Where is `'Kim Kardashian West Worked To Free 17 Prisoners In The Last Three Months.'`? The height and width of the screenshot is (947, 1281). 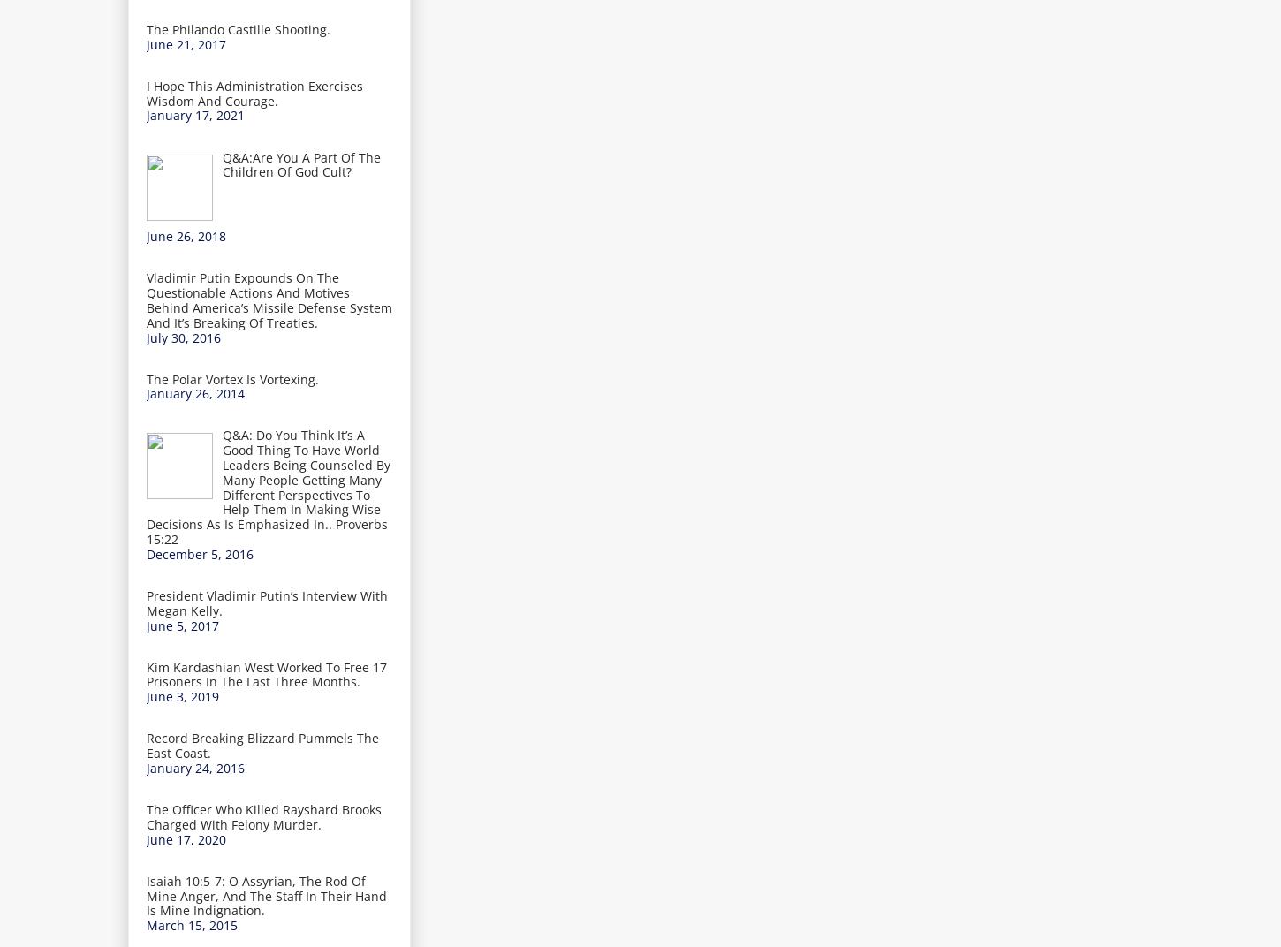
'Kim Kardashian West Worked To Free 17 Prisoners In The Last Three Months.' is located at coordinates (146, 674).